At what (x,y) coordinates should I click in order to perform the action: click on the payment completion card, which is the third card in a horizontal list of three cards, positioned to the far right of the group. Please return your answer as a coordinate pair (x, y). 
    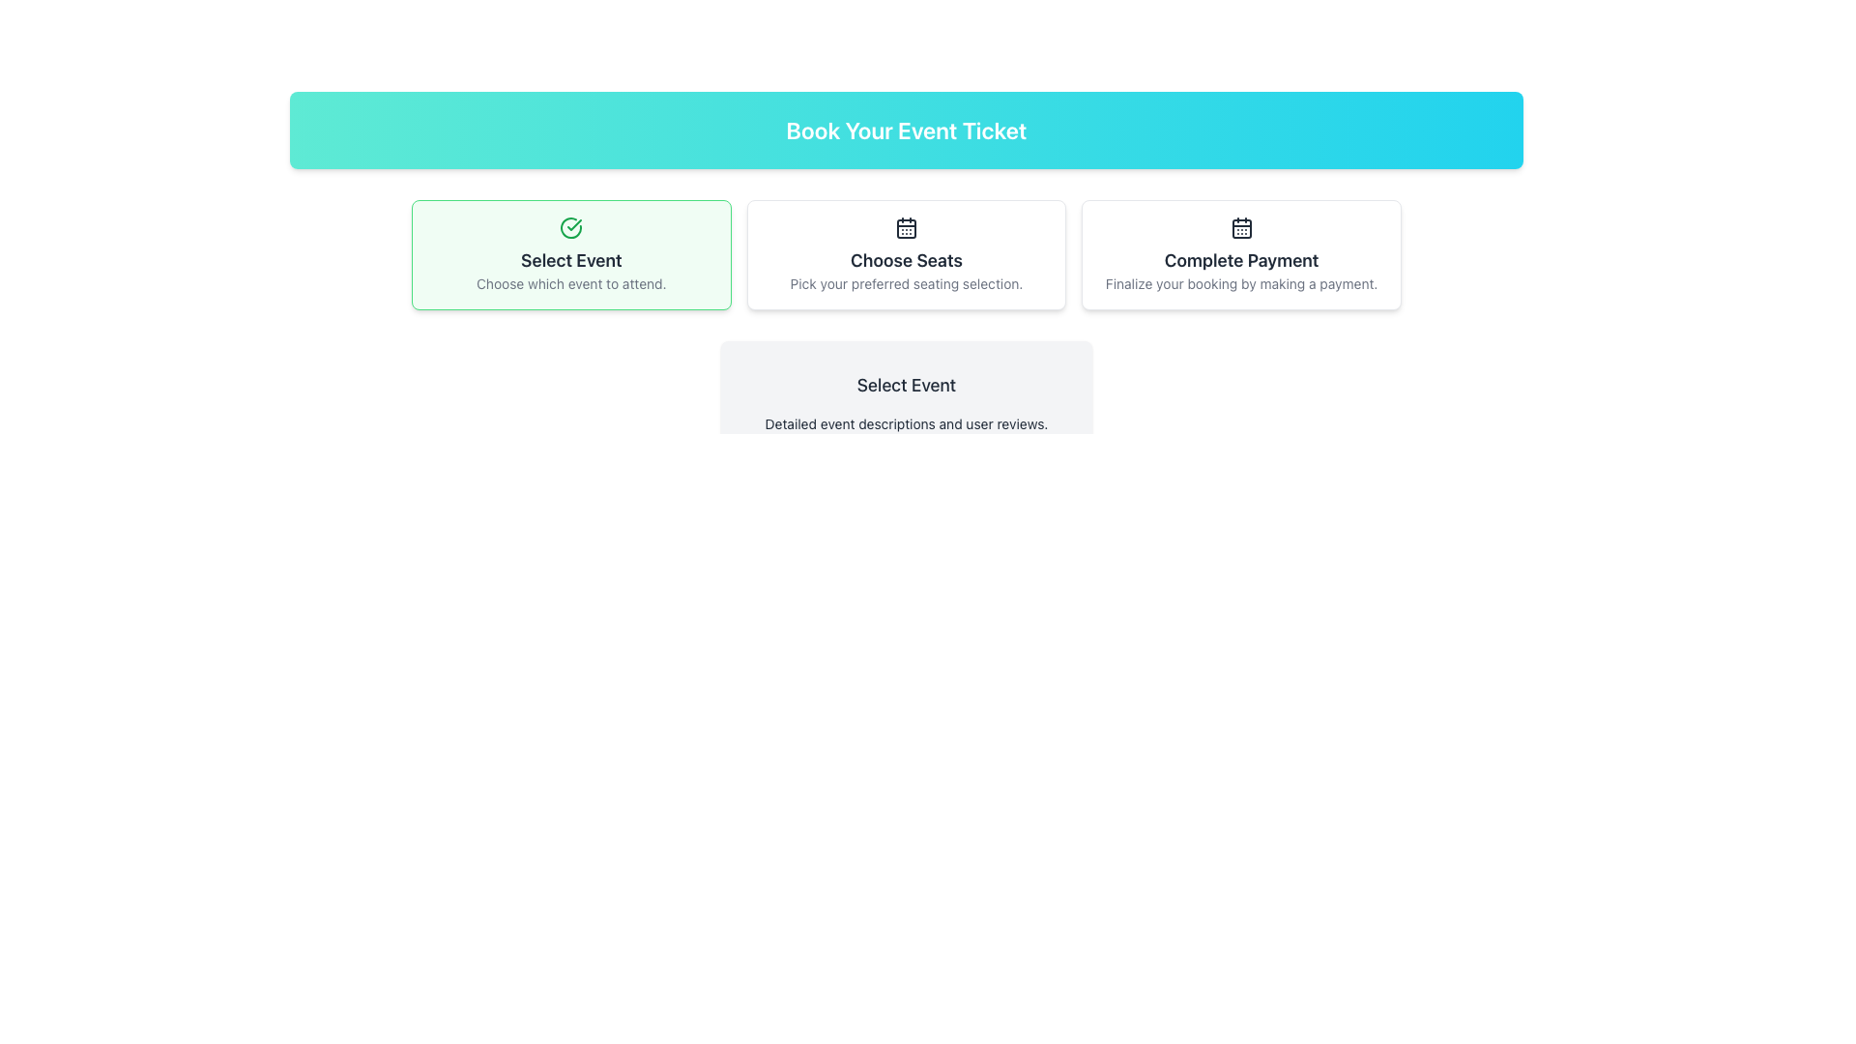
    Looking at the image, I should click on (1240, 253).